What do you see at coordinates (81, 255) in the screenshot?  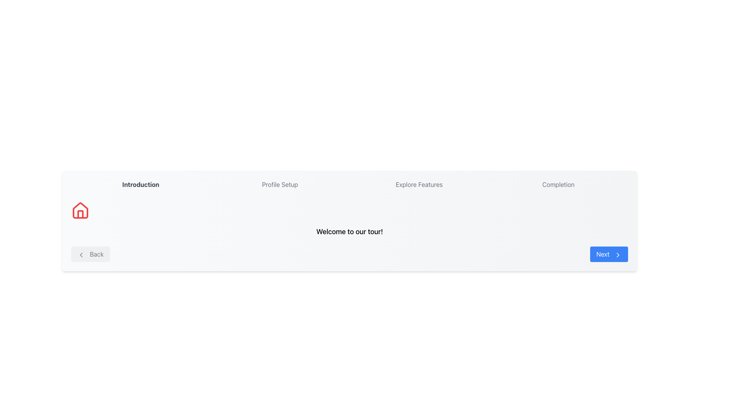 I see `the 'Back' button which contains the chevron icon` at bounding box center [81, 255].